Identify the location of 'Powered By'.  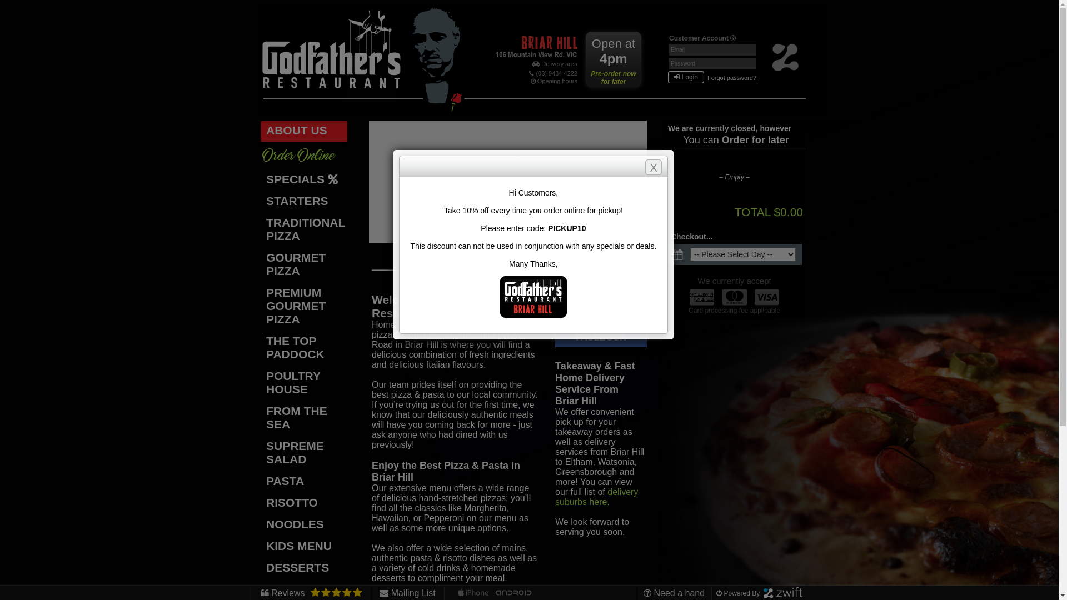
(716, 593).